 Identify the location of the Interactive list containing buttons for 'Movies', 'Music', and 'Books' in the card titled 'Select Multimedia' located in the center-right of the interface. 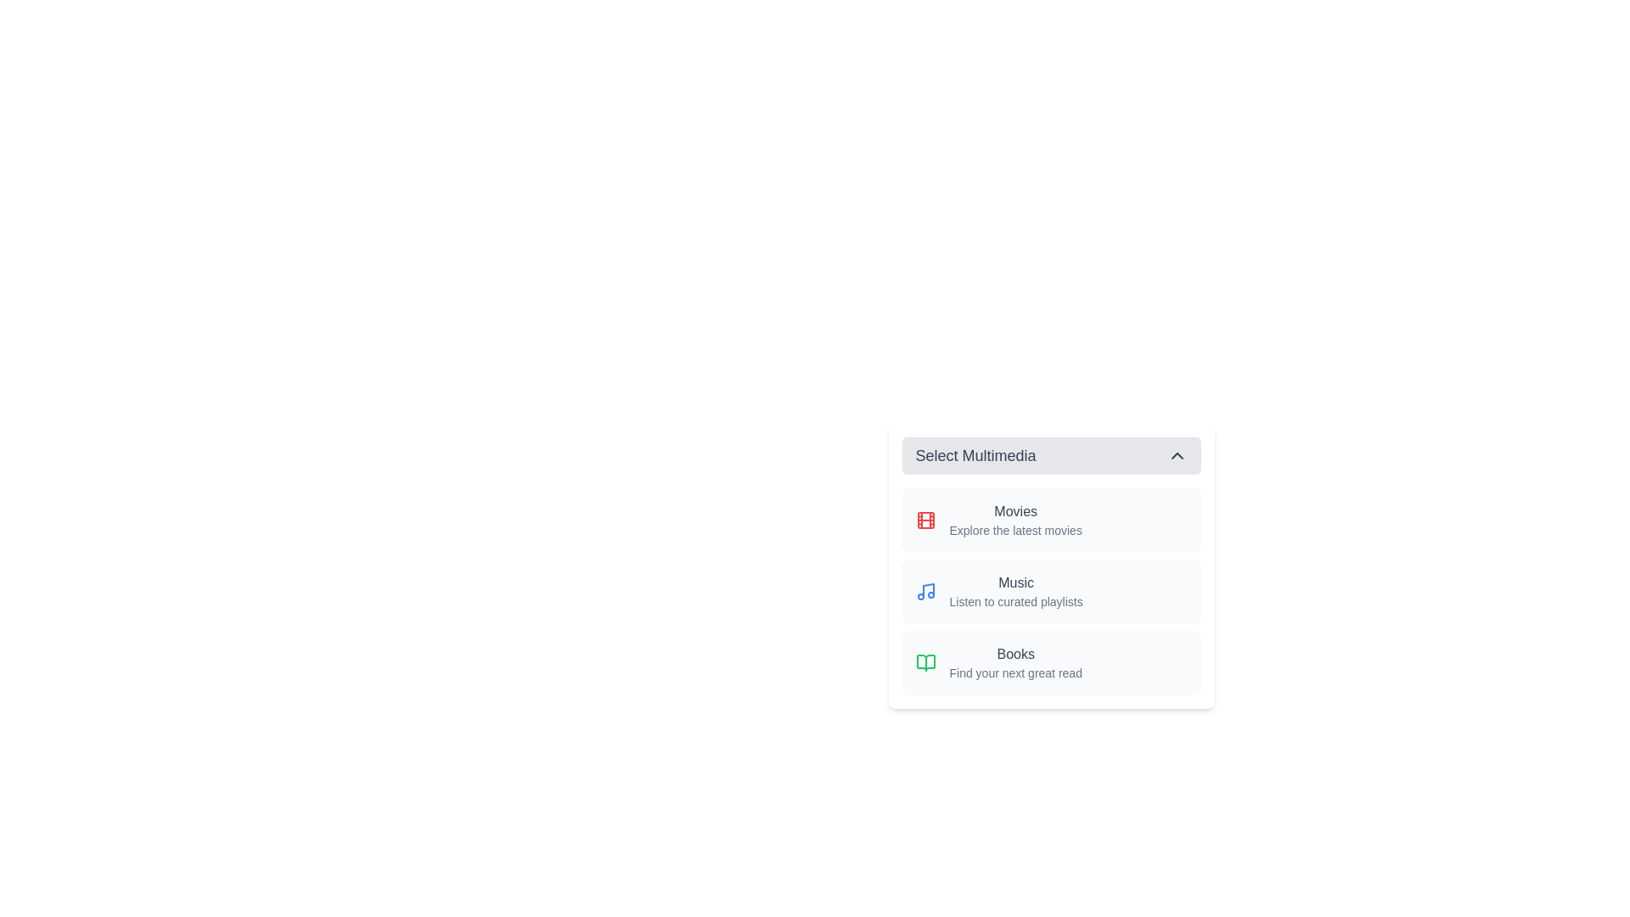
(1050, 591).